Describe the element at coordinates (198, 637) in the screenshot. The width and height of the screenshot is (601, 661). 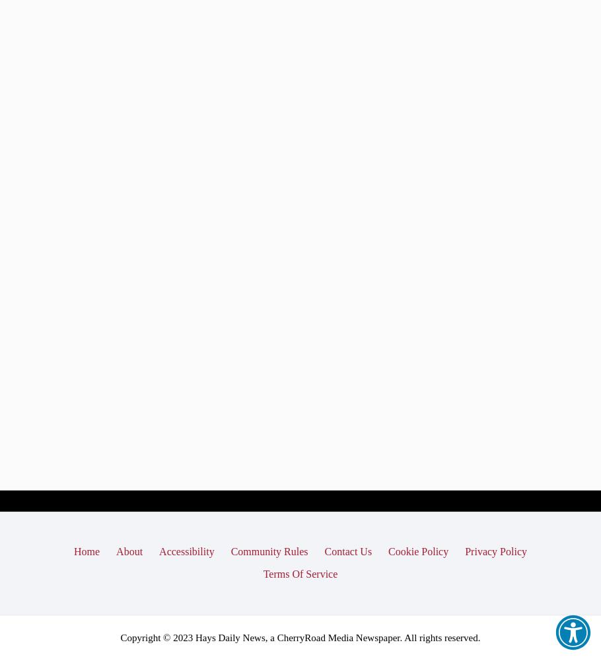
I see `'Copyright © 2023 Hays Daily News, a'` at that location.